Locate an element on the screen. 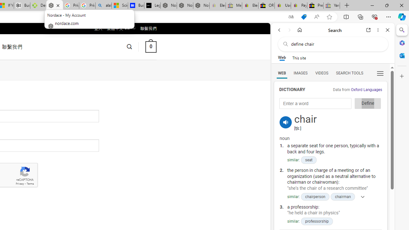 The image size is (409, 230). 'Oxford Languages' is located at coordinates (366, 90).